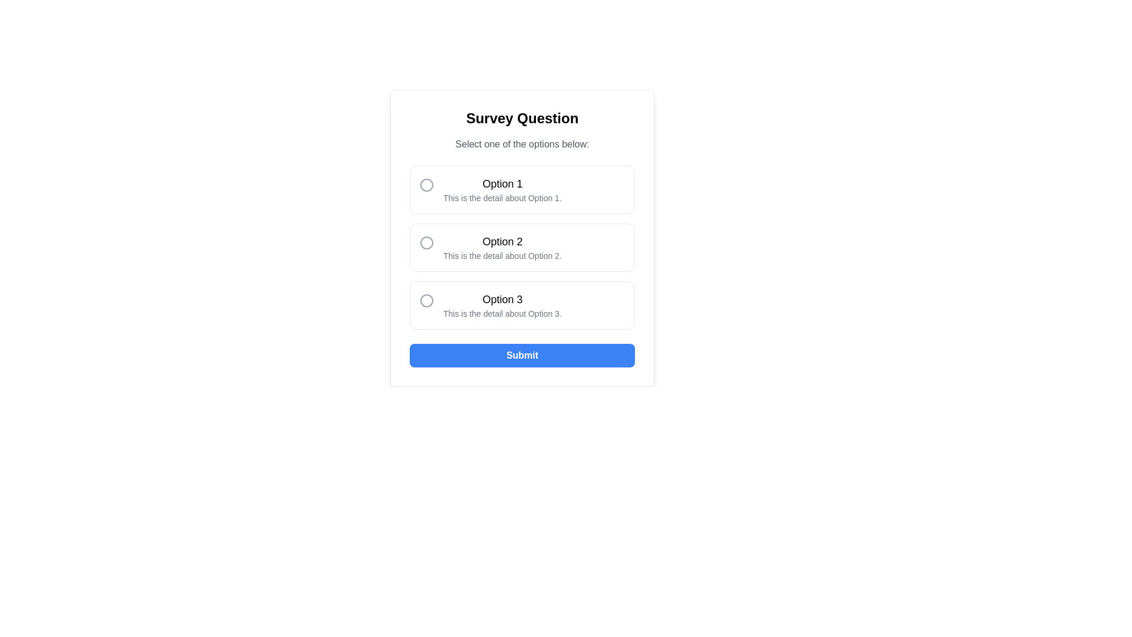  Describe the element at coordinates (502, 241) in the screenshot. I see `the title of the second option in the survey, which helps users identify and select this option by its descriptive label` at that location.